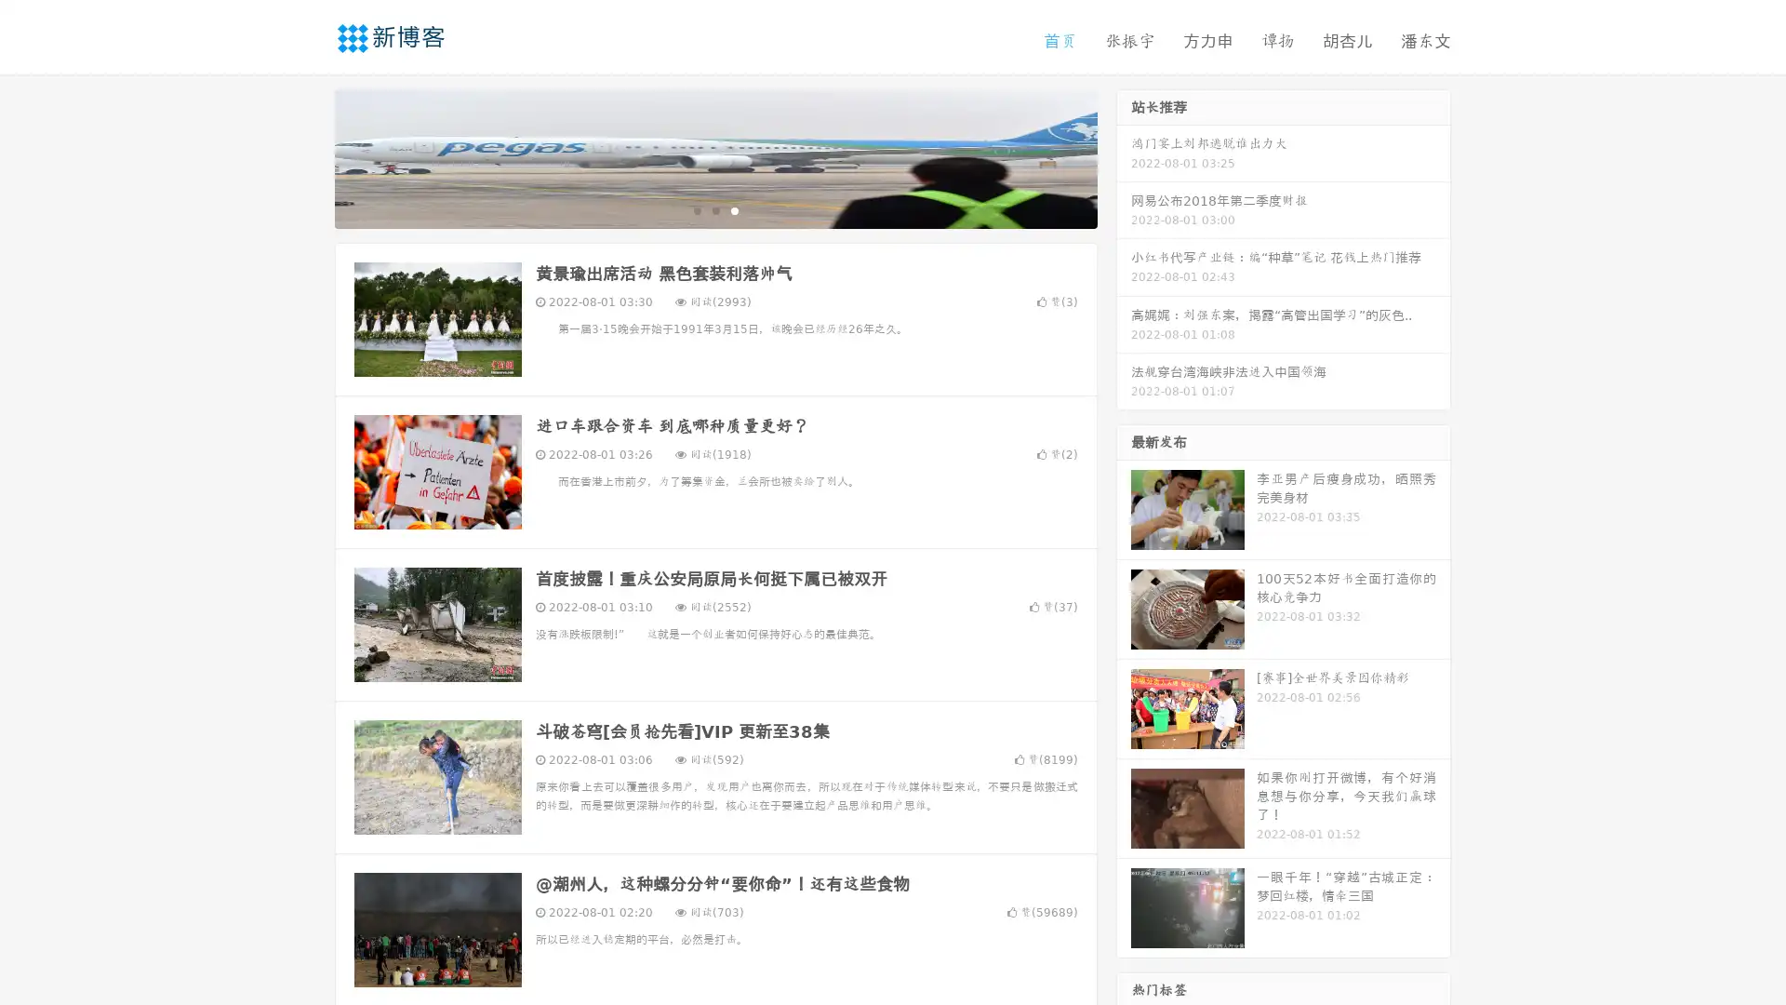 The image size is (1786, 1005). What do you see at coordinates (734, 209) in the screenshot?
I see `Go to slide 3` at bounding box center [734, 209].